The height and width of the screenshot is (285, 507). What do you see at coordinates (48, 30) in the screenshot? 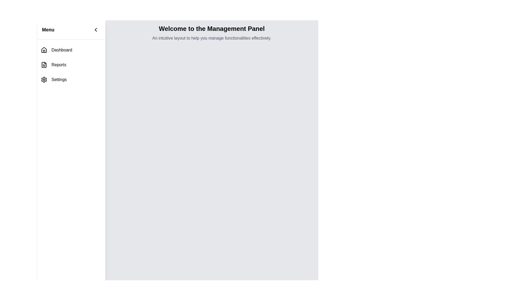
I see `the bold text label reading 'Menu', which is styled with a larger font size and located at the top left of the application interface, serving as a header for the navigation menu` at bounding box center [48, 30].